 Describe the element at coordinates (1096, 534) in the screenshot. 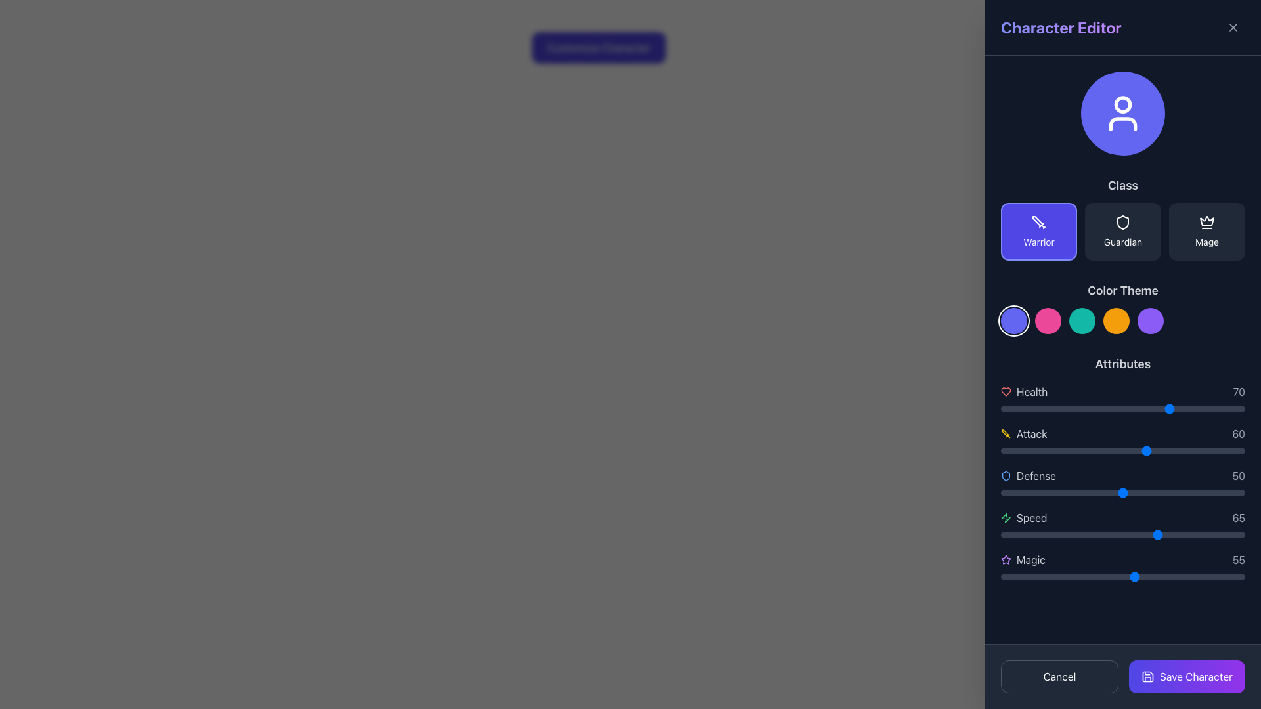

I see `the speed attribute` at that location.